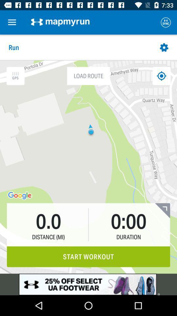 This screenshot has height=316, width=177. I want to click on the location, so click(161, 76).